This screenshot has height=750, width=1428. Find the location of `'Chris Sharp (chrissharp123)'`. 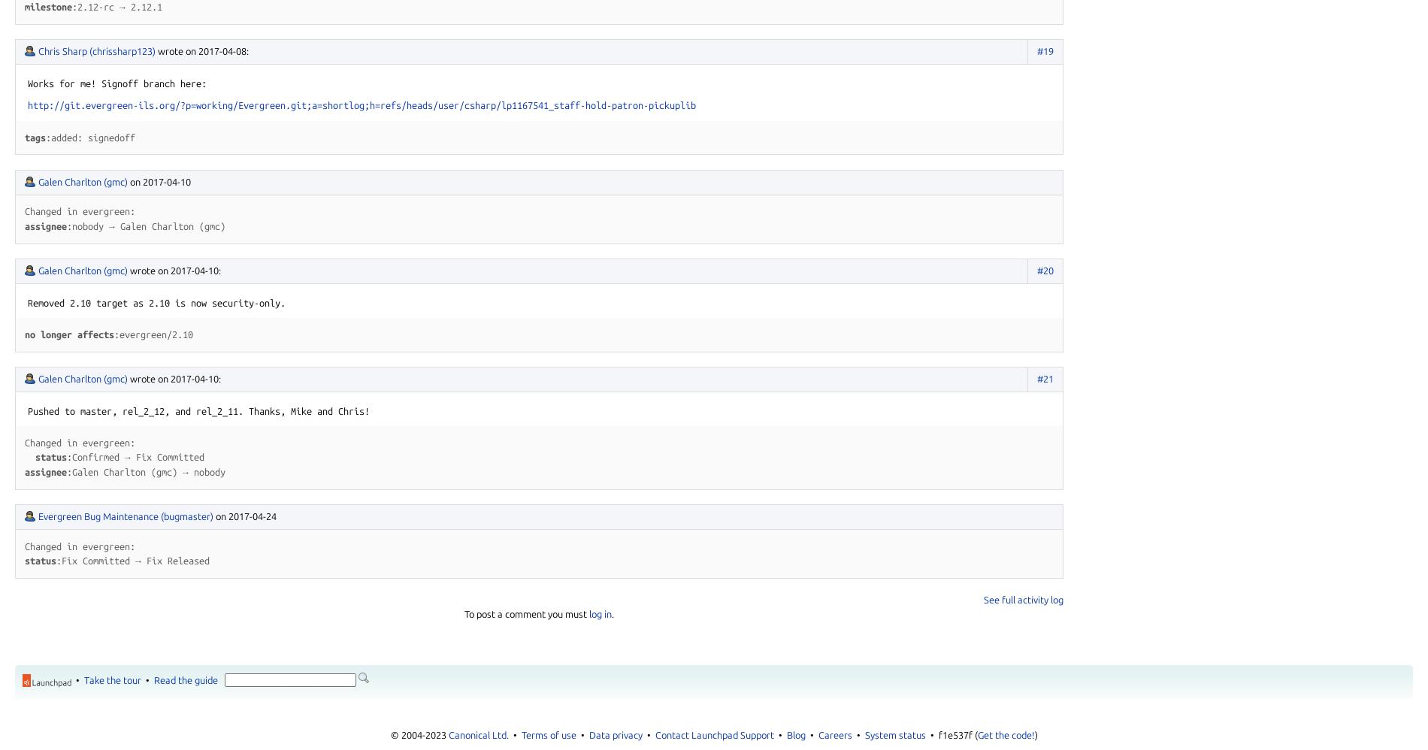

'Chris Sharp (chrissharp123)' is located at coordinates (38, 50).